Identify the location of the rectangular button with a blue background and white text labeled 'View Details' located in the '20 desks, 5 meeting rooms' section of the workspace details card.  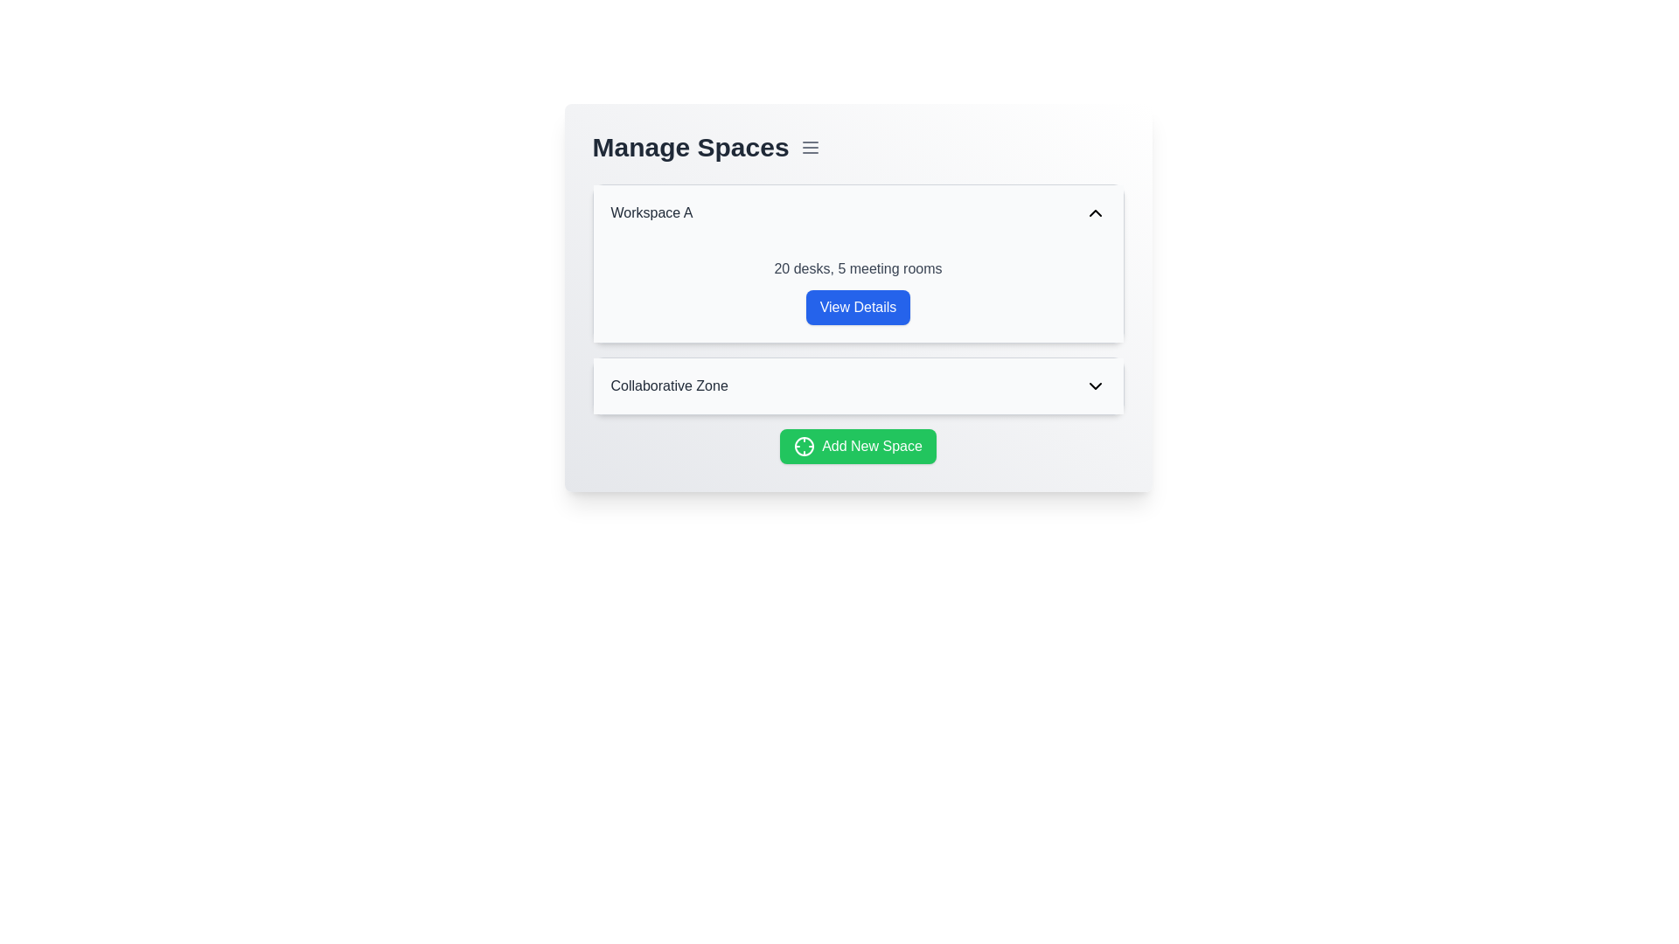
(858, 306).